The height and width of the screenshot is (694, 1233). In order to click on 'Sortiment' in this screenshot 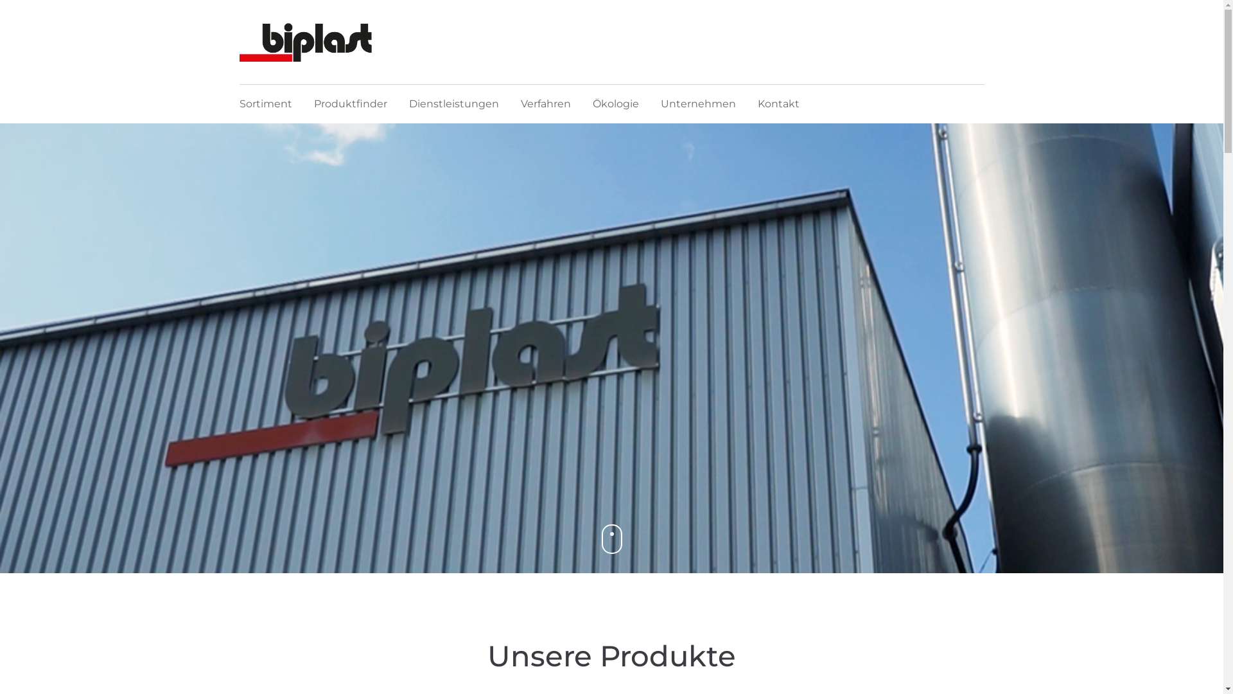, I will do `click(264, 103)`.